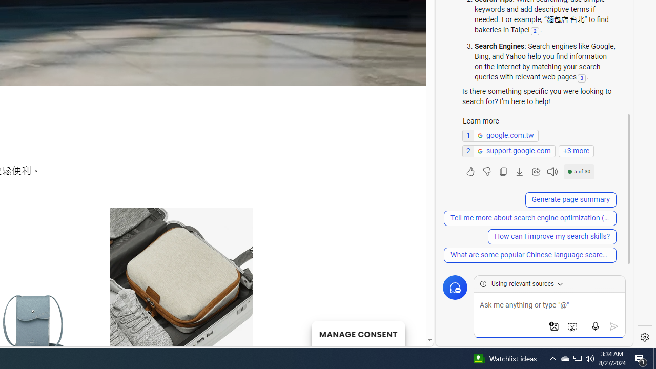  Describe the element at coordinates (358, 333) in the screenshot. I see `'MANAGE CONSENT'` at that location.